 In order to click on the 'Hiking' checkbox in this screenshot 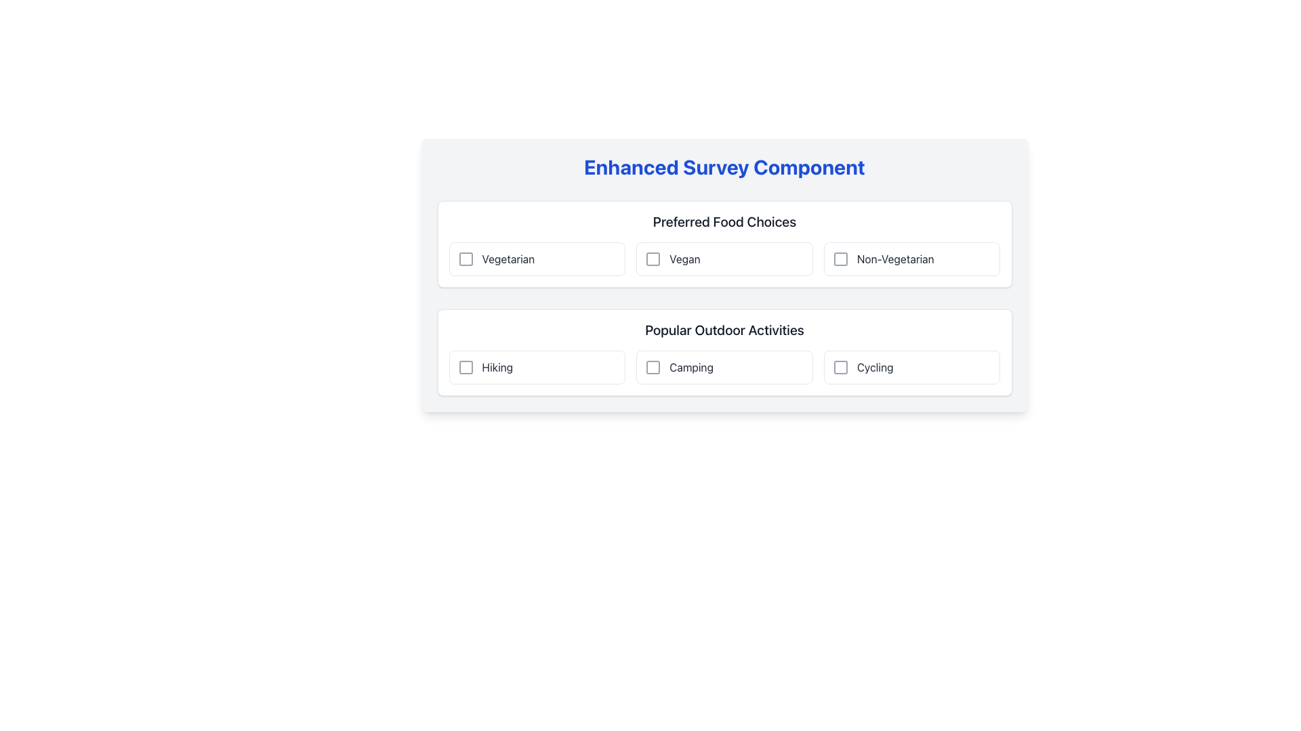, I will do `click(536, 368)`.